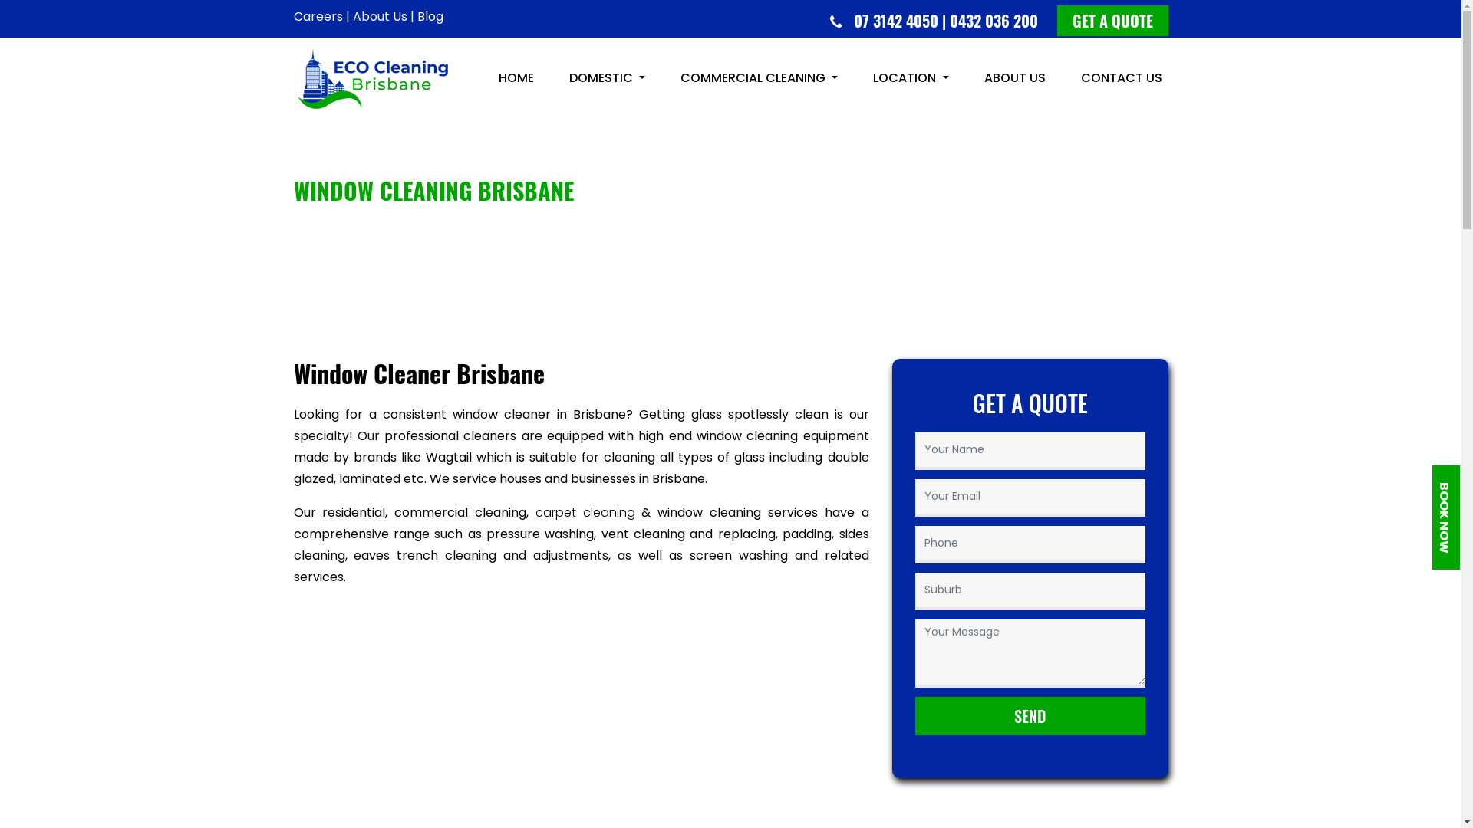 The width and height of the screenshot is (1473, 828). What do you see at coordinates (1112, 21) in the screenshot?
I see `'GET A QUOTE'` at bounding box center [1112, 21].